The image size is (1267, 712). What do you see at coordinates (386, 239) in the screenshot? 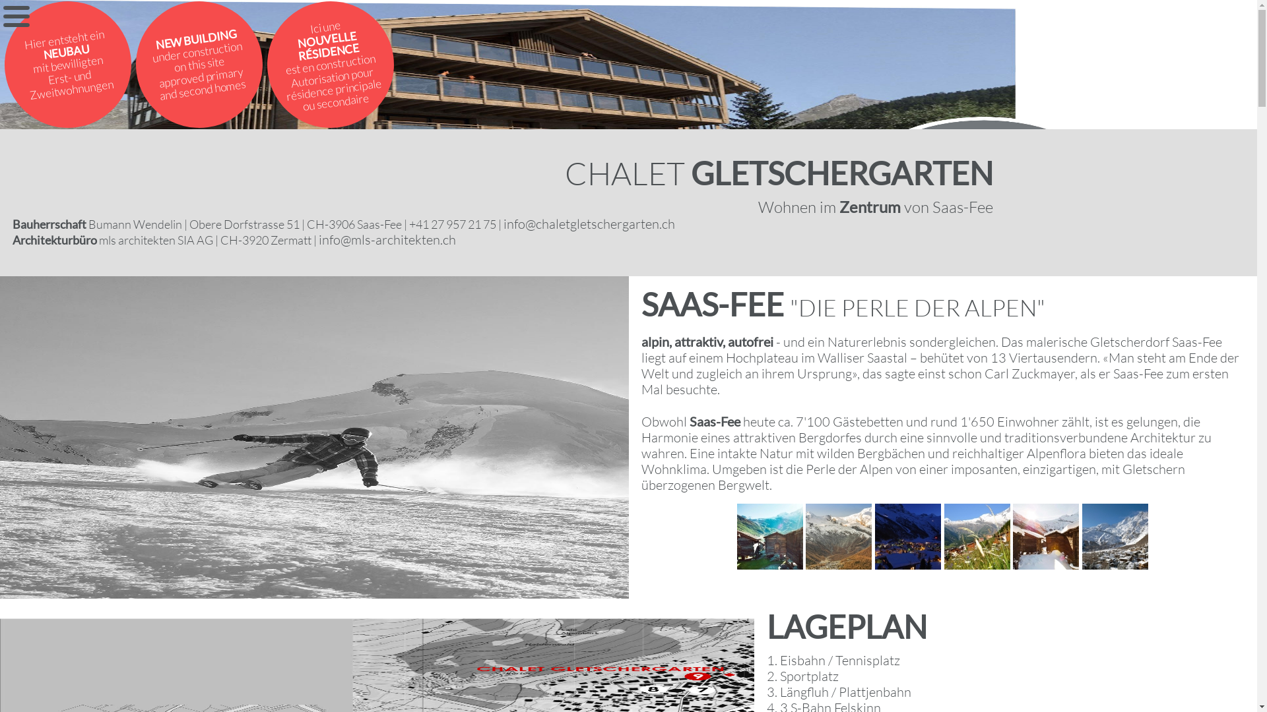
I see `'info@mls-architekten.ch'` at bounding box center [386, 239].